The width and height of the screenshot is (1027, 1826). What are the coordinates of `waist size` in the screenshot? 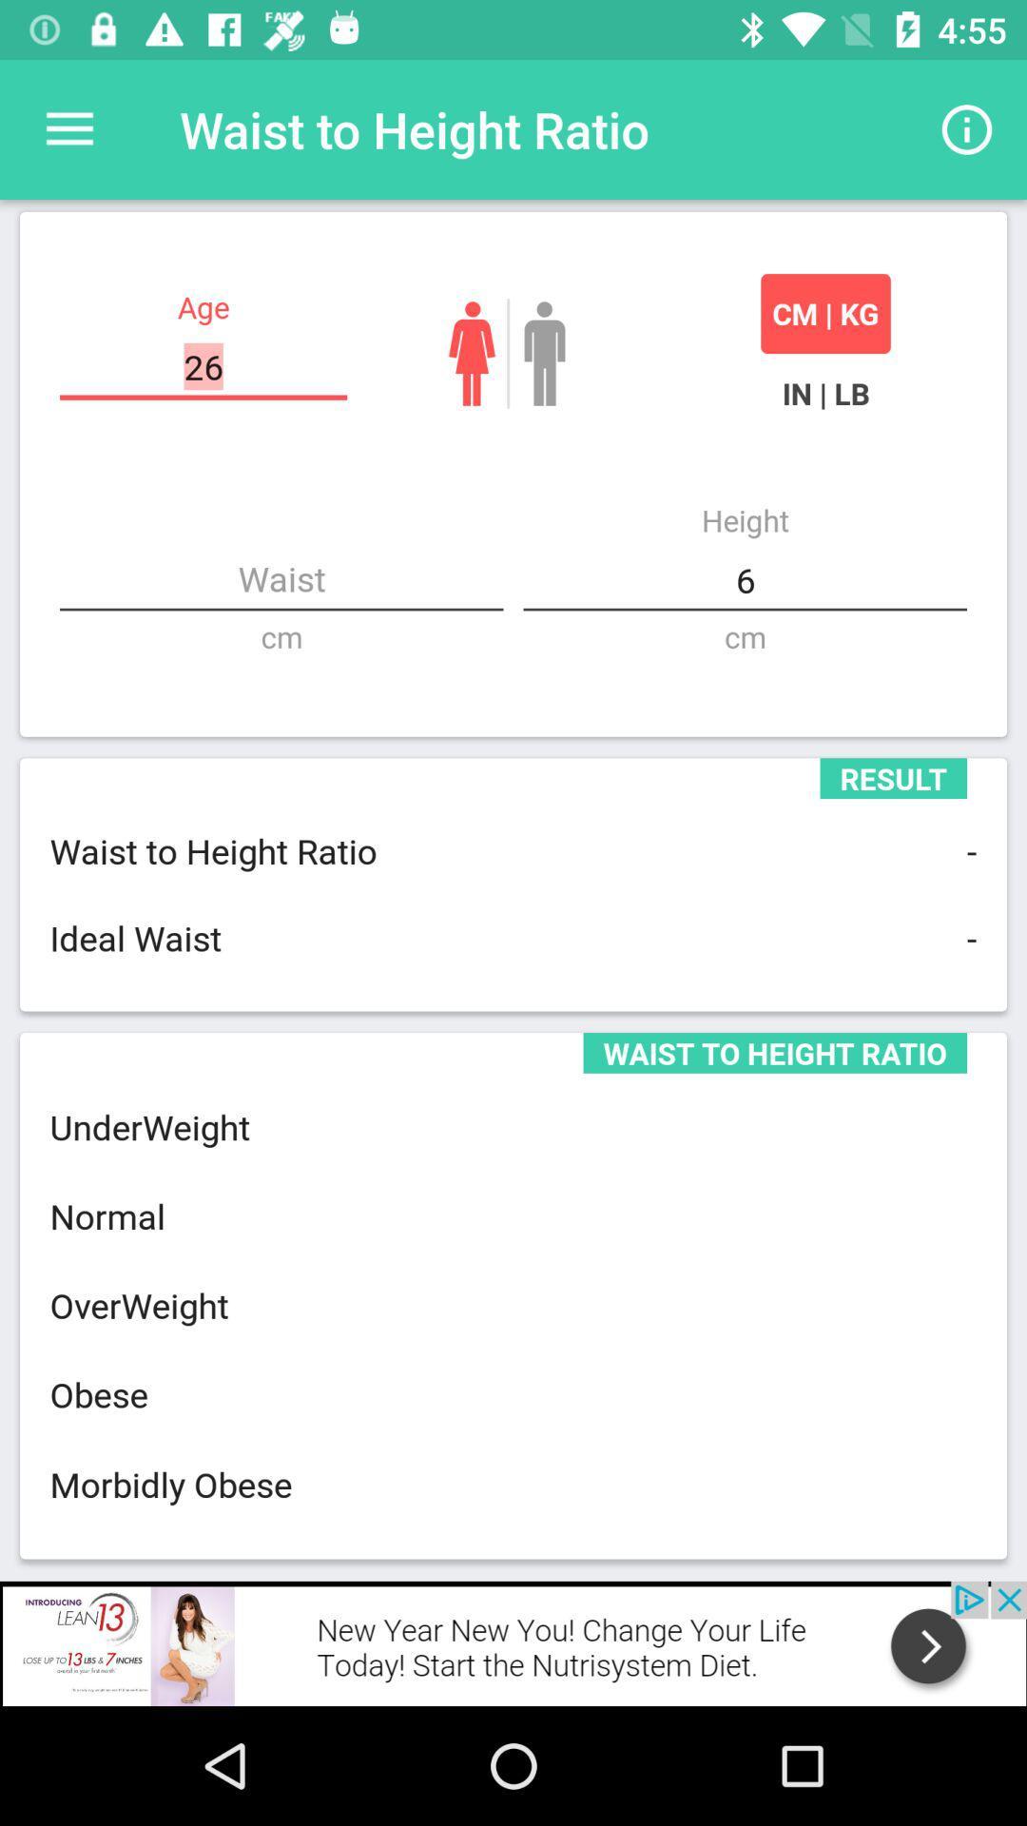 It's located at (281, 579).